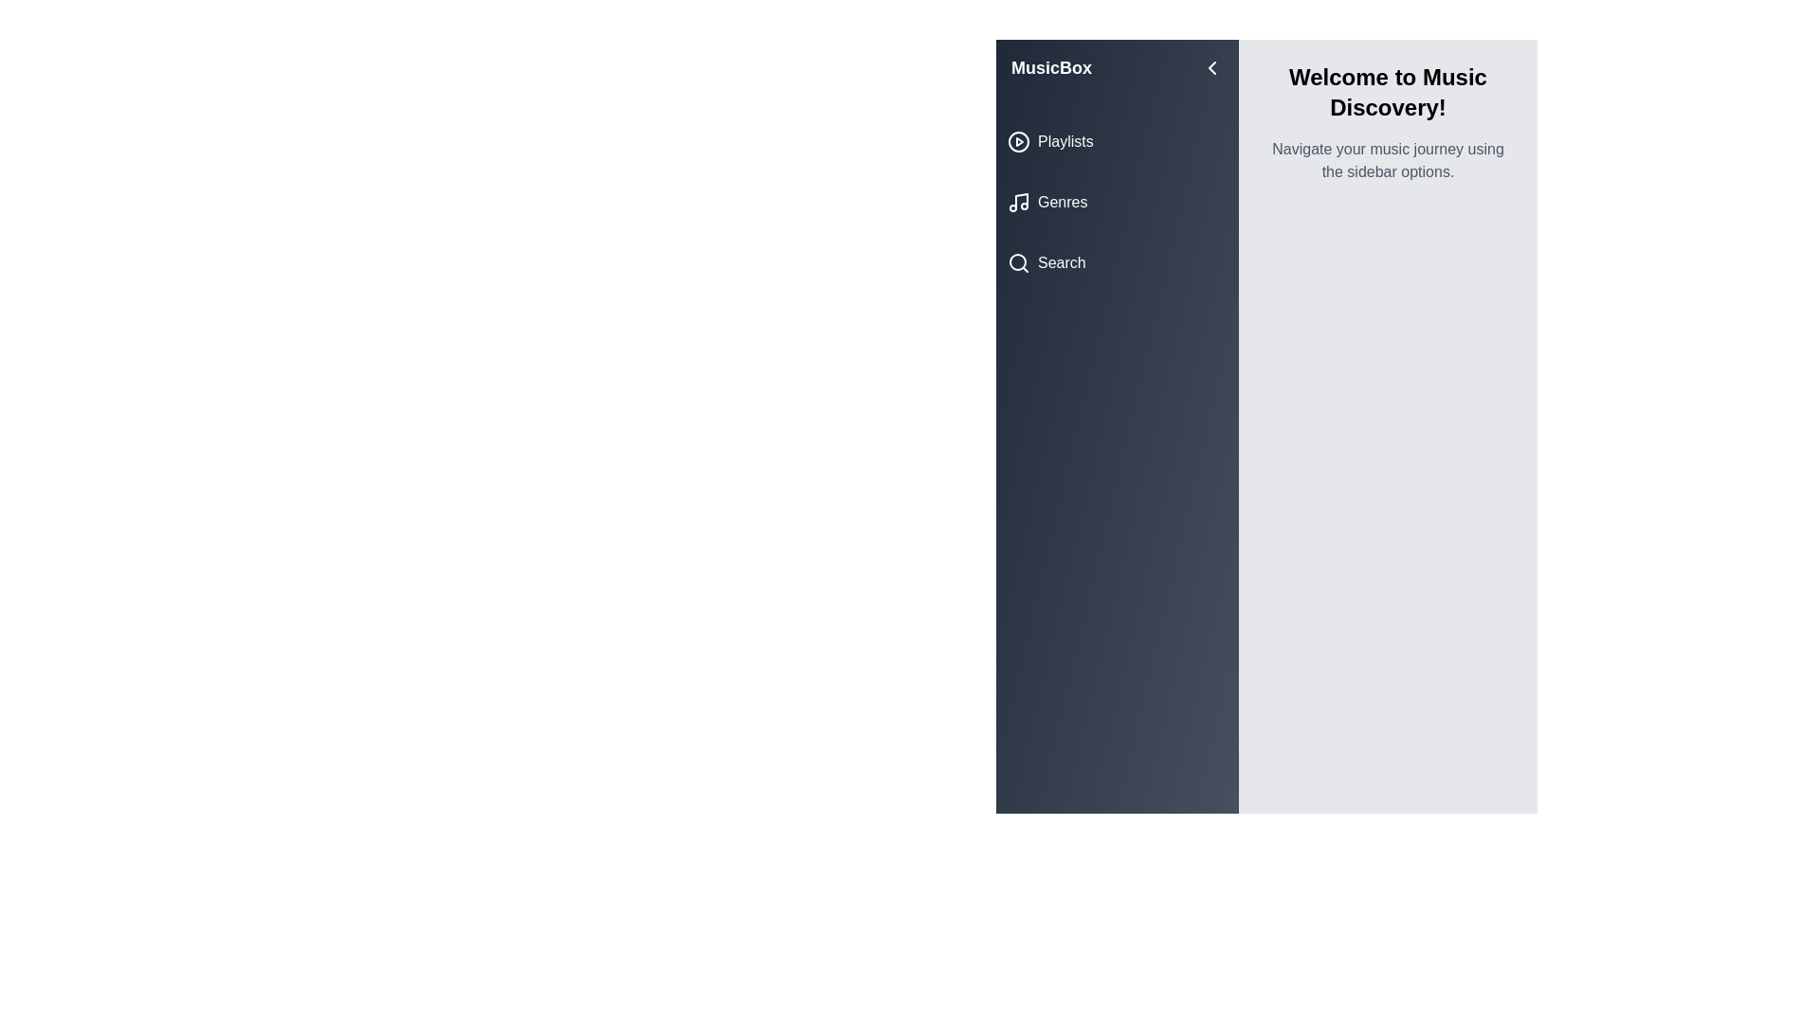 This screenshot has width=1820, height=1023. Describe the element at coordinates (1118, 262) in the screenshot. I see `the music category Search from the sidebar` at that location.